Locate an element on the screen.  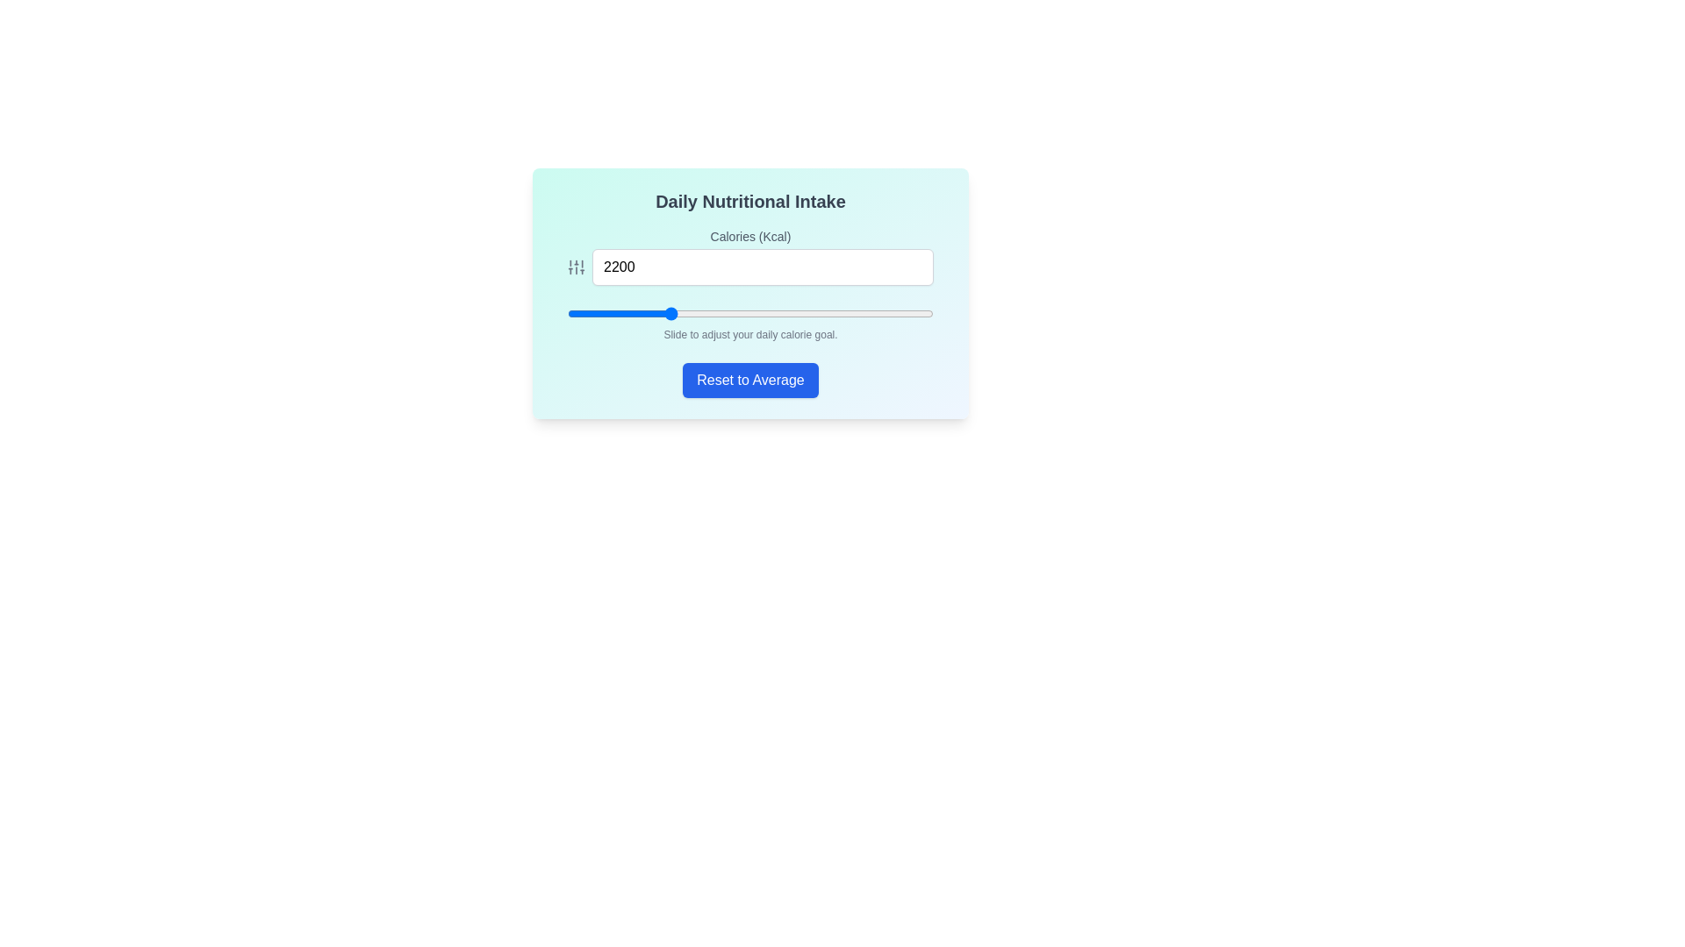
daily calorie intake goal is located at coordinates (849, 313).